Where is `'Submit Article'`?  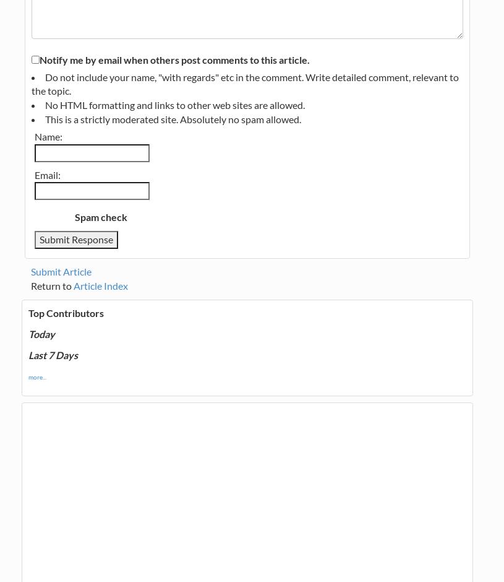 'Submit Article' is located at coordinates (61, 270).